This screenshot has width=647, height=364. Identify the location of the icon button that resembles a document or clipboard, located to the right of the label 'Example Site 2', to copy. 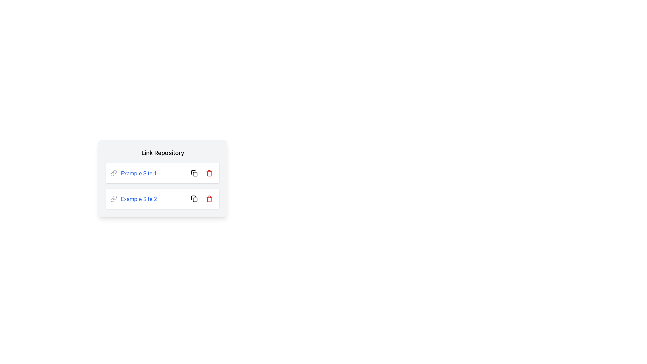
(193, 198).